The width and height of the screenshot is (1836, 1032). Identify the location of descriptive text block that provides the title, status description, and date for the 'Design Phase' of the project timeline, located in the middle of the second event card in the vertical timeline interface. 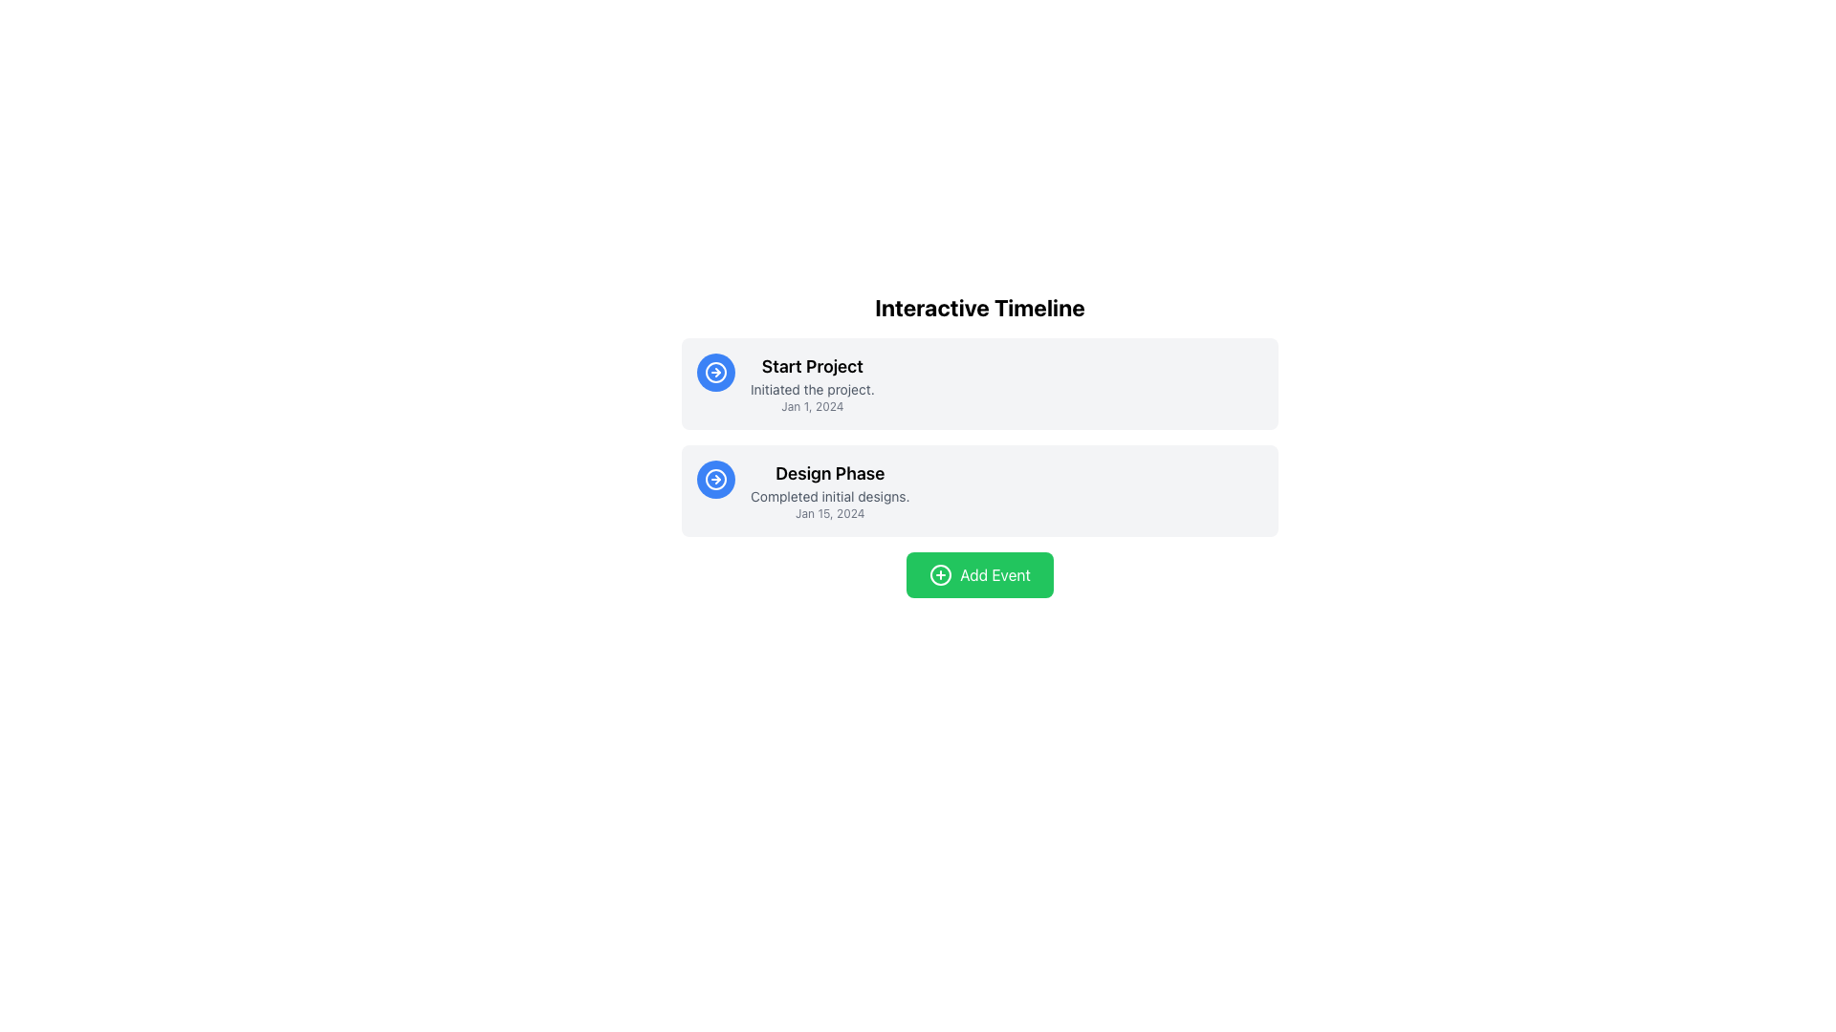
(830, 489).